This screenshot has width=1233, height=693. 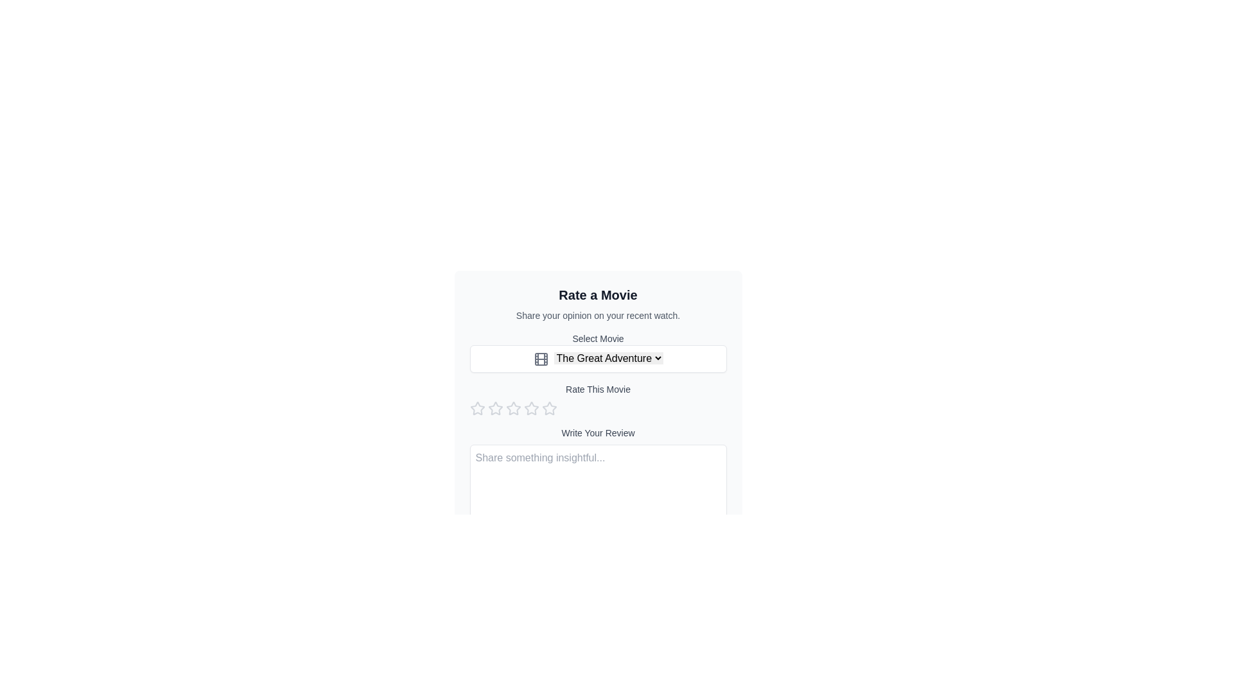 What do you see at coordinates (608, 358) in the screenshot?
I see `the dropdown menu displaying the movie title 'The Great Adventure'` at bounding box center [608, 358].